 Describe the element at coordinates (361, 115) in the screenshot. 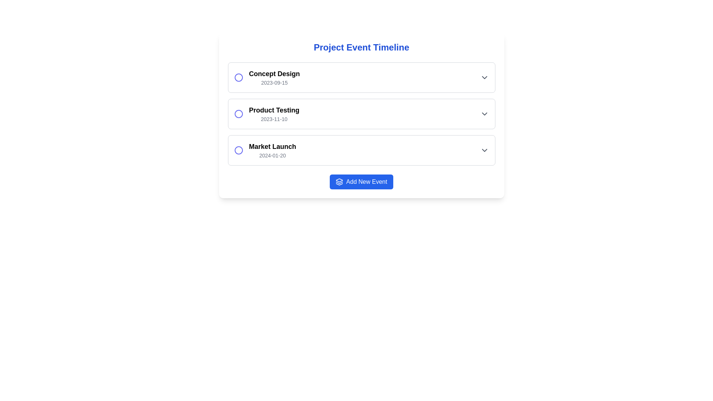

I see `the event block titled 'Product Testing'` at that location.